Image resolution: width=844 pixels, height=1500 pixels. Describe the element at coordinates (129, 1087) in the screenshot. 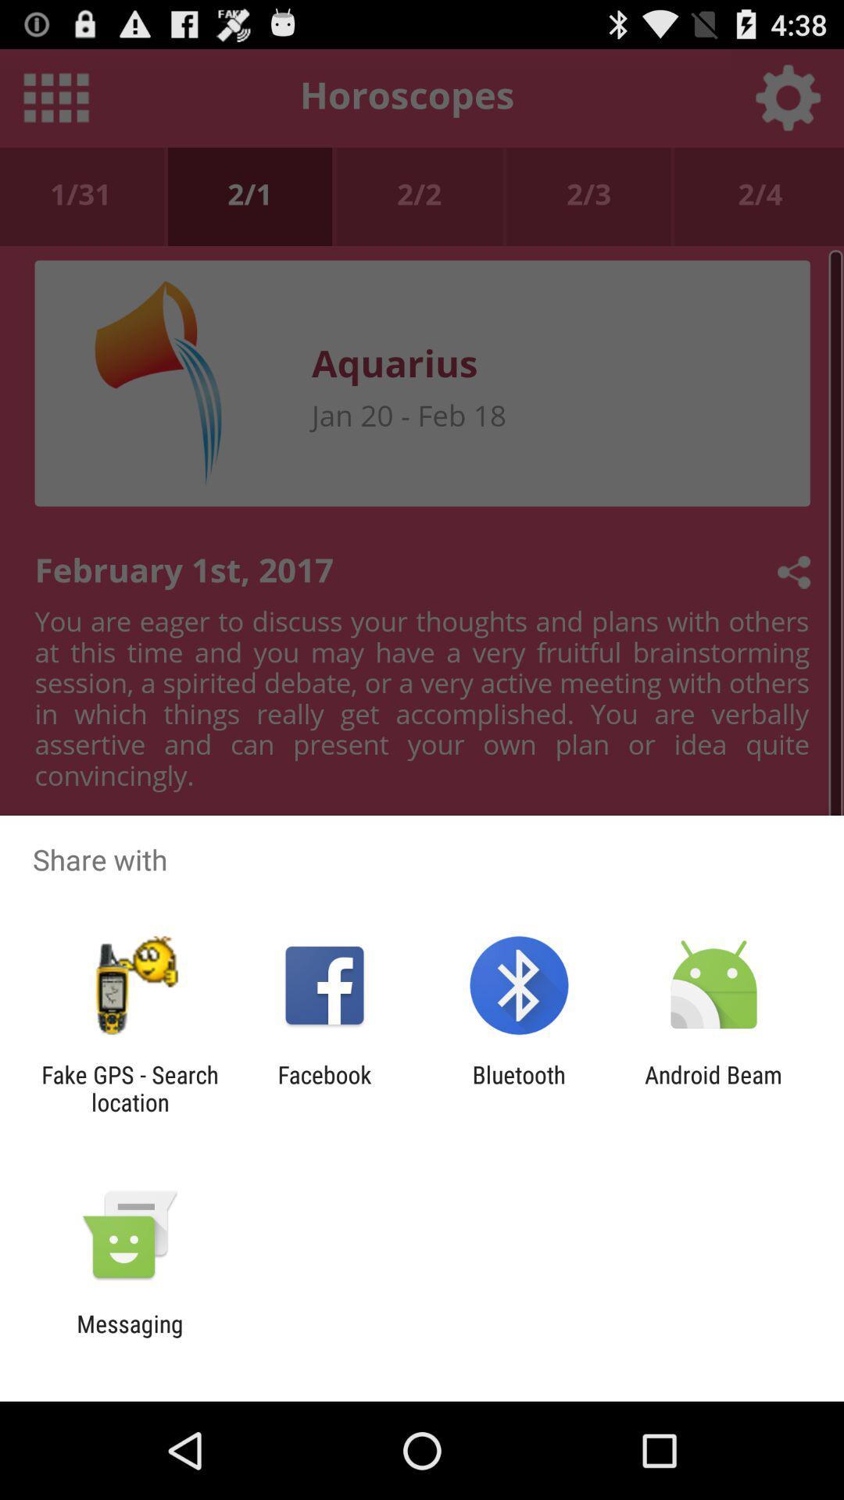

I see `the item next to facebook` at that location.